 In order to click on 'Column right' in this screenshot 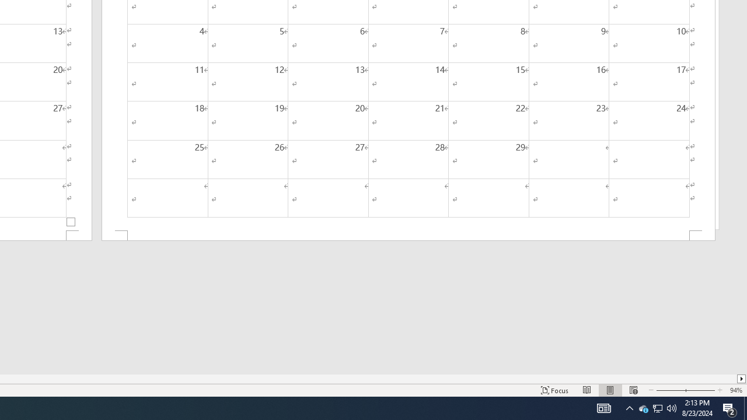, I will do `click(741, 379)`.